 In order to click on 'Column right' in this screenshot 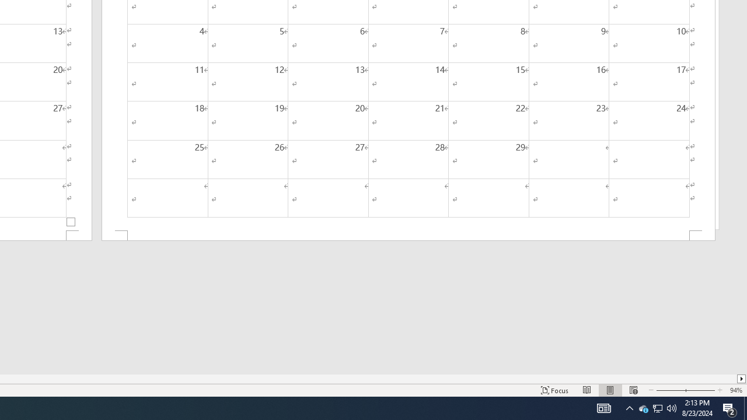, I will do `click(741, 379)`.